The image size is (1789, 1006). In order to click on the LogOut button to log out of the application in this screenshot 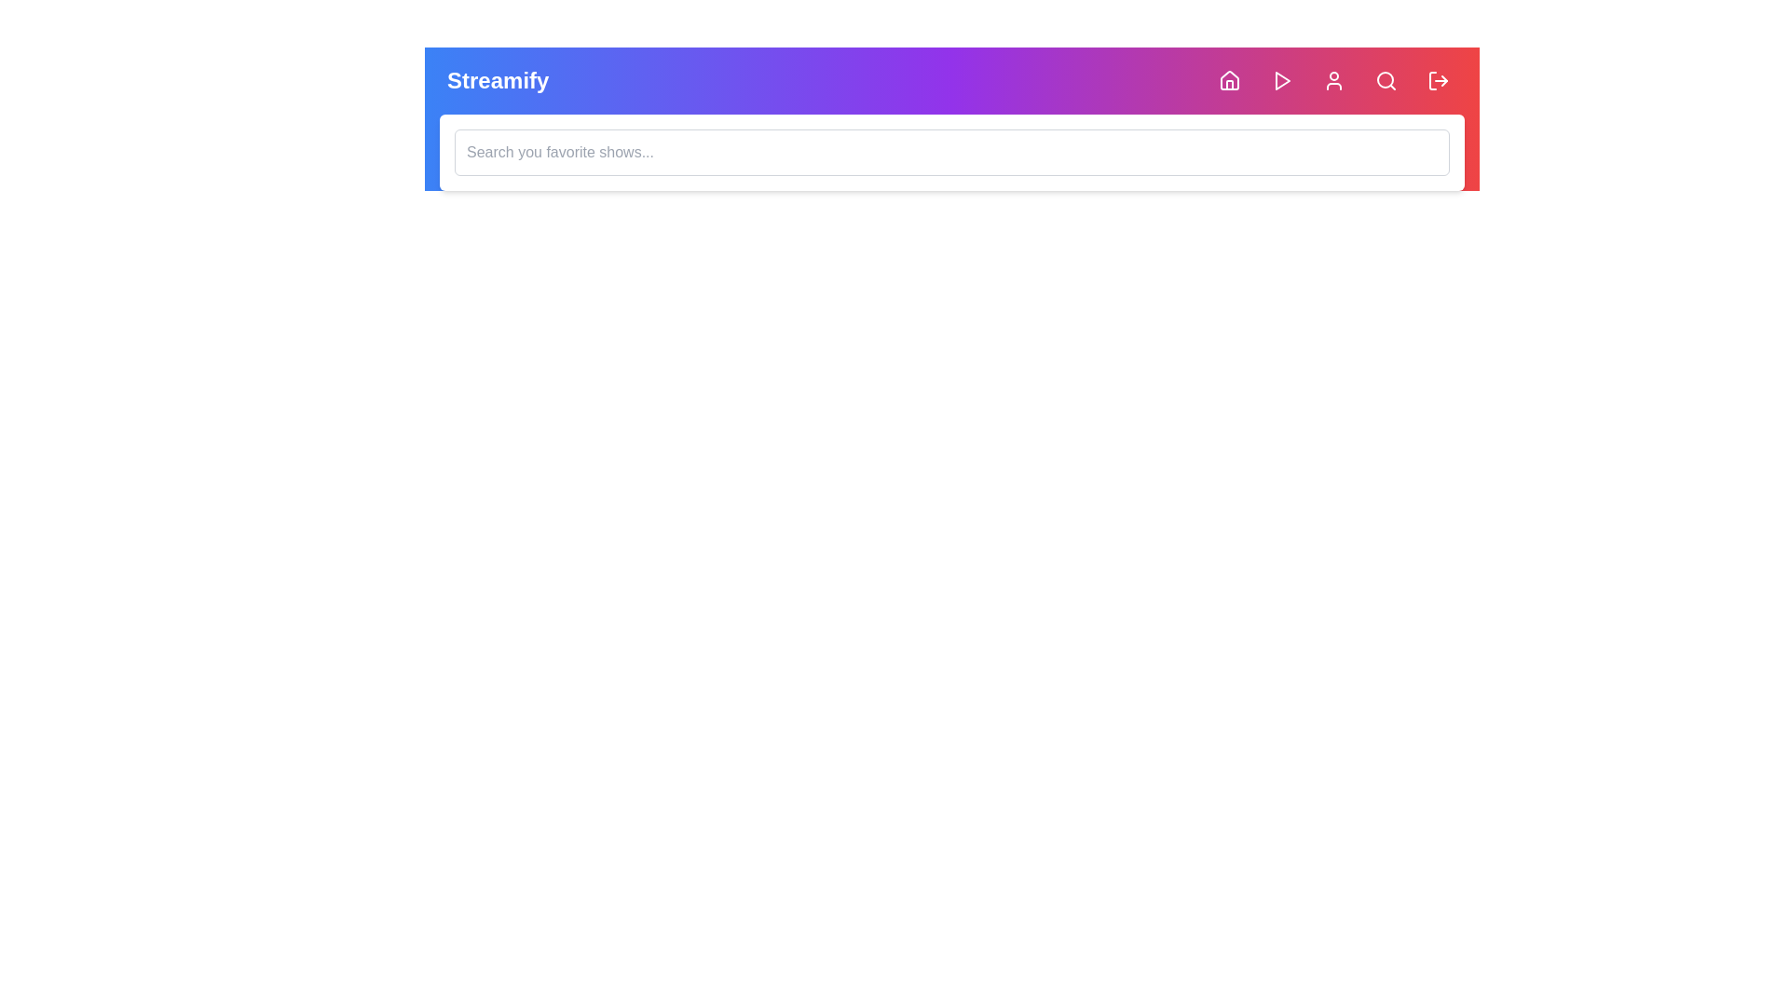, I will do `click(1438, 80)`.